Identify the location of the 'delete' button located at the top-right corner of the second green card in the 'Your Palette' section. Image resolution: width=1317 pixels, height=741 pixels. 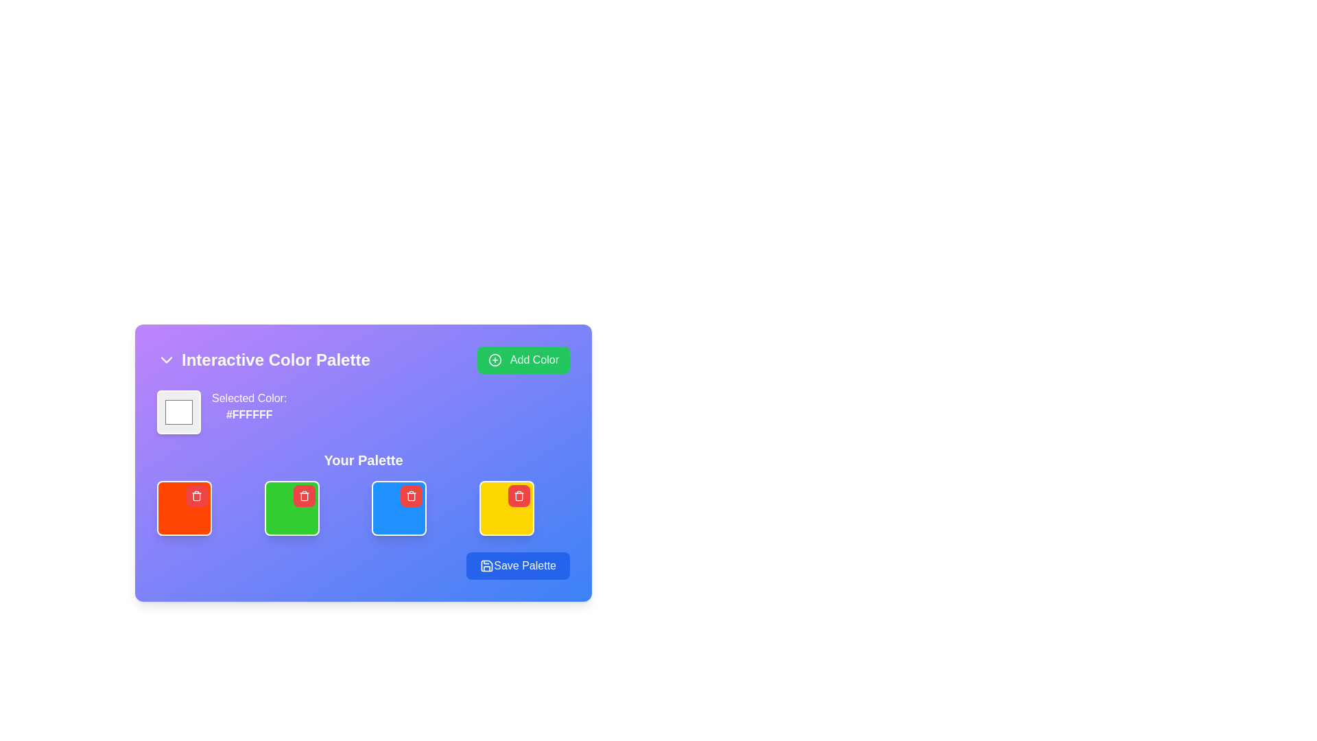
(303, 495).